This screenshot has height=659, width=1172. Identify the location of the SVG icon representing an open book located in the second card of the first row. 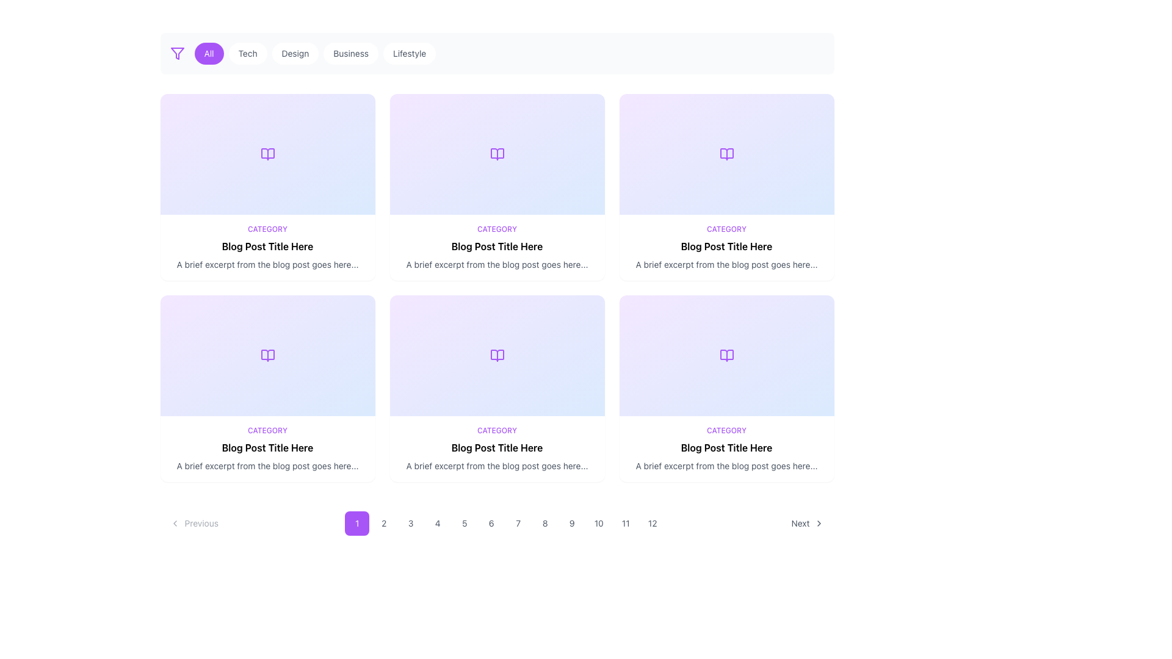
(497, 154).